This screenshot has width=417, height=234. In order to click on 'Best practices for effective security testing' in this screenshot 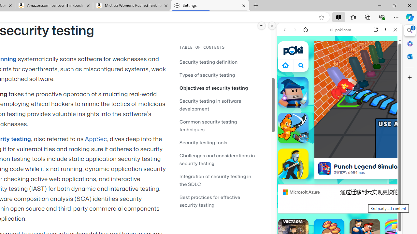, I will do `click(210, 201)`.